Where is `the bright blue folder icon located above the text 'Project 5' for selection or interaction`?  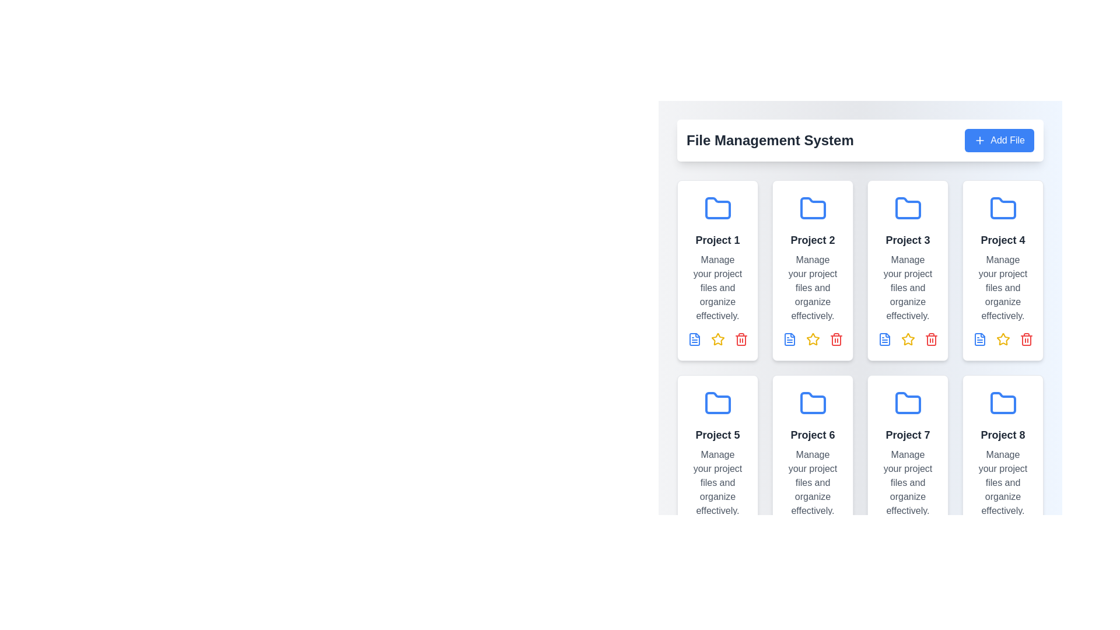 the bright blue folder icon located above the text 'Project 5' for selection or interaction is located at coordinates (717, 402).